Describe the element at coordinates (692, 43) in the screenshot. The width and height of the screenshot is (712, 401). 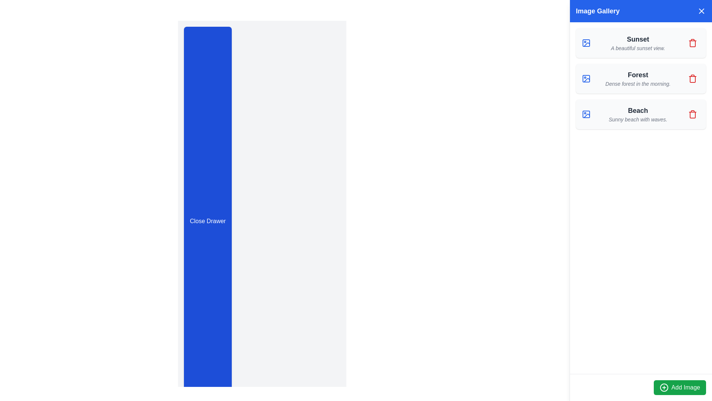
I see `the trash can icon button positioned at the far right of the list item to potentially display a tooltip or highlight the icon` at that location.